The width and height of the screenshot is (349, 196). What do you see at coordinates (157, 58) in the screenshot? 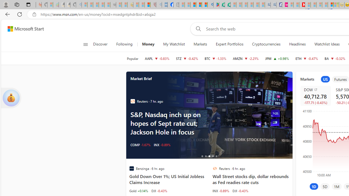
I see `'AAPL APPLE INC. decrease 224.53 -1.87 -0.83%'` at bounding box center [157, 58].